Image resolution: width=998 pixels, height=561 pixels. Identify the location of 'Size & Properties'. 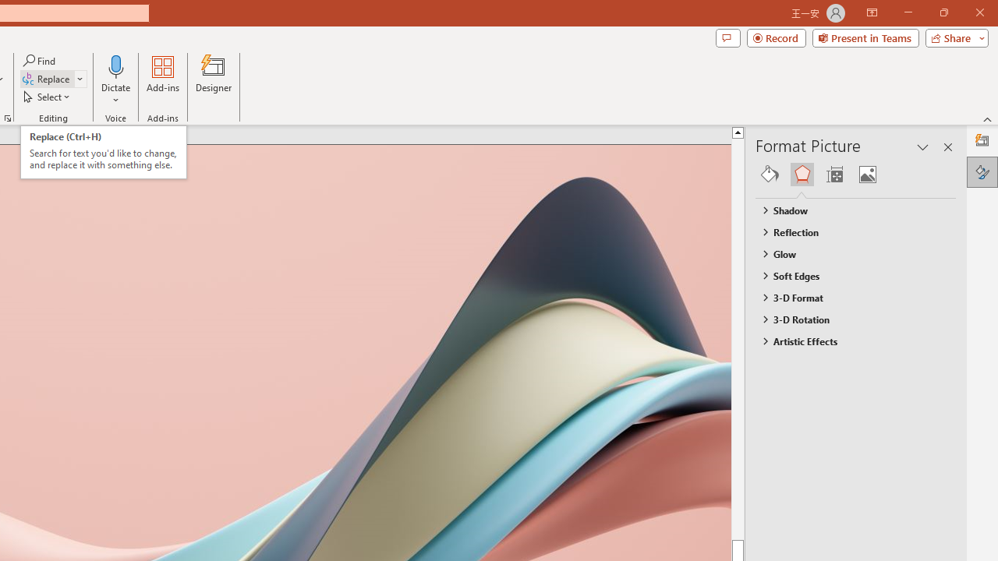
(833, 174).